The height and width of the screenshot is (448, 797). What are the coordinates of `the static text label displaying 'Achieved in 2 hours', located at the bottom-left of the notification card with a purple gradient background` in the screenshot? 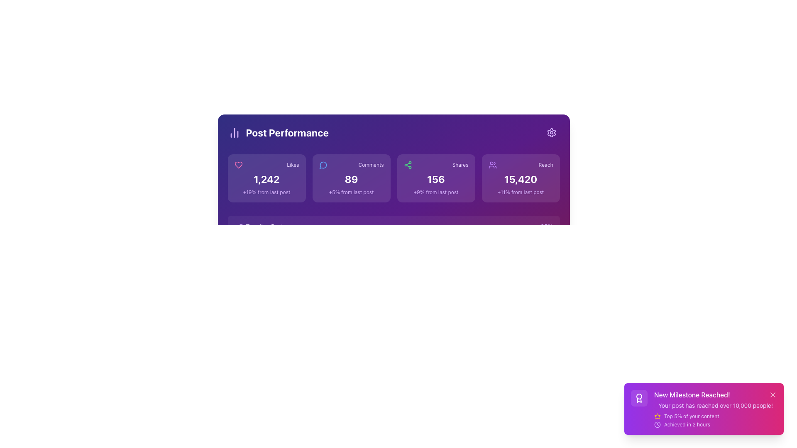 It's located at (687, 424).